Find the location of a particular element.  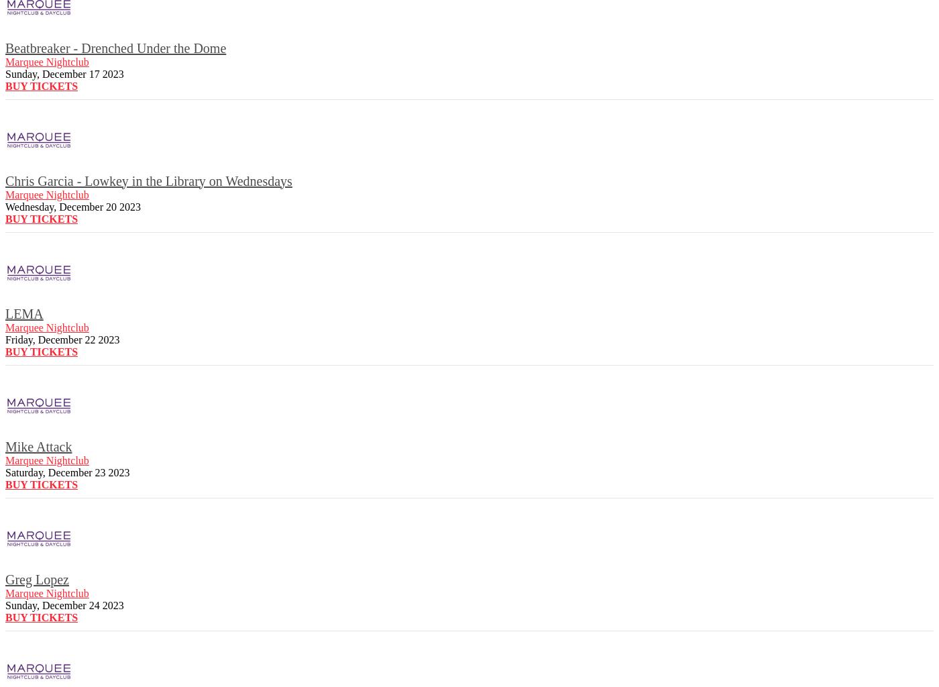

'Mike Attack' is located at coordinates (38, 445).